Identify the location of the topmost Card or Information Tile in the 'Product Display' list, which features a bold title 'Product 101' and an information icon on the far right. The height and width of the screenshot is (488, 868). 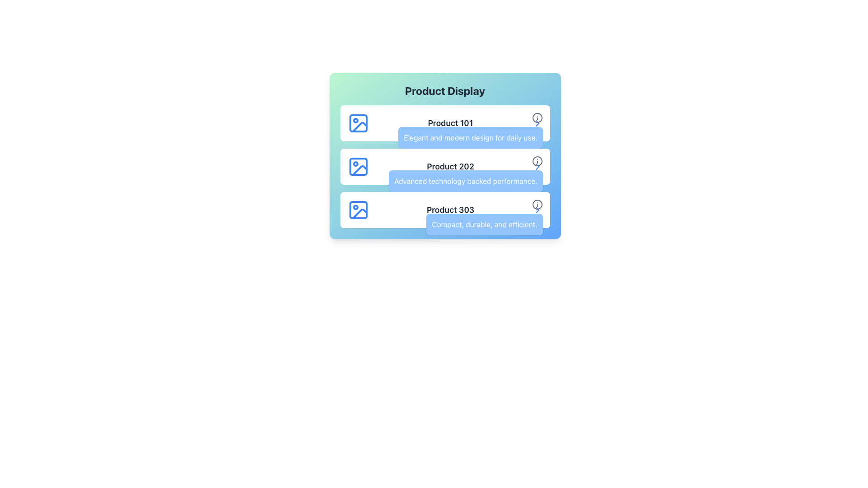
(445, 123).